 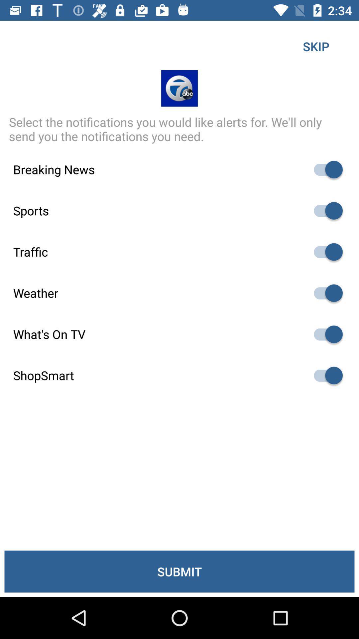 I want to click on submit, so click(x=179, y=571).